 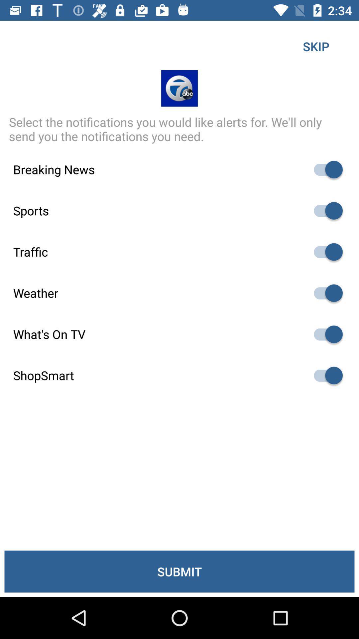 I want to click on submit, so click(x=179, y=571).